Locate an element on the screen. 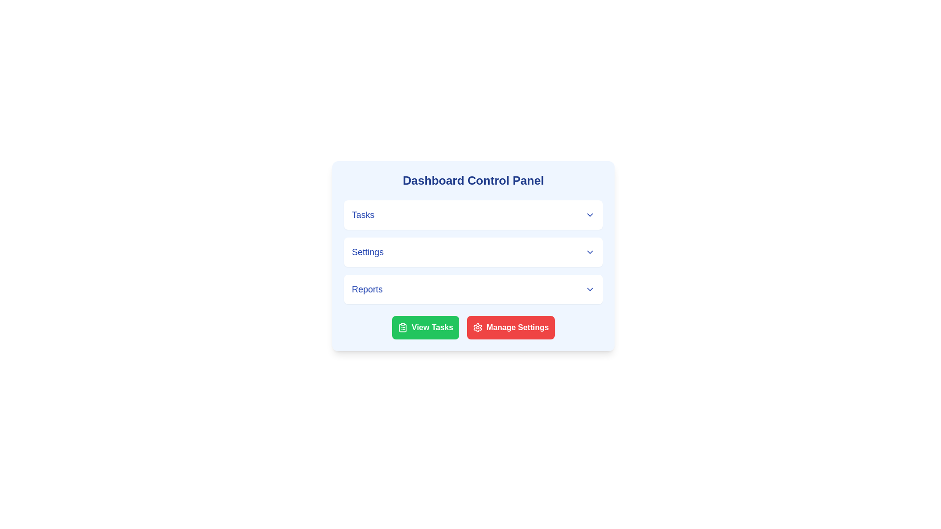  the gear-like icon representing the 'Manage Settings' button located on the dashboard interface is located at coordinates (477, 327).